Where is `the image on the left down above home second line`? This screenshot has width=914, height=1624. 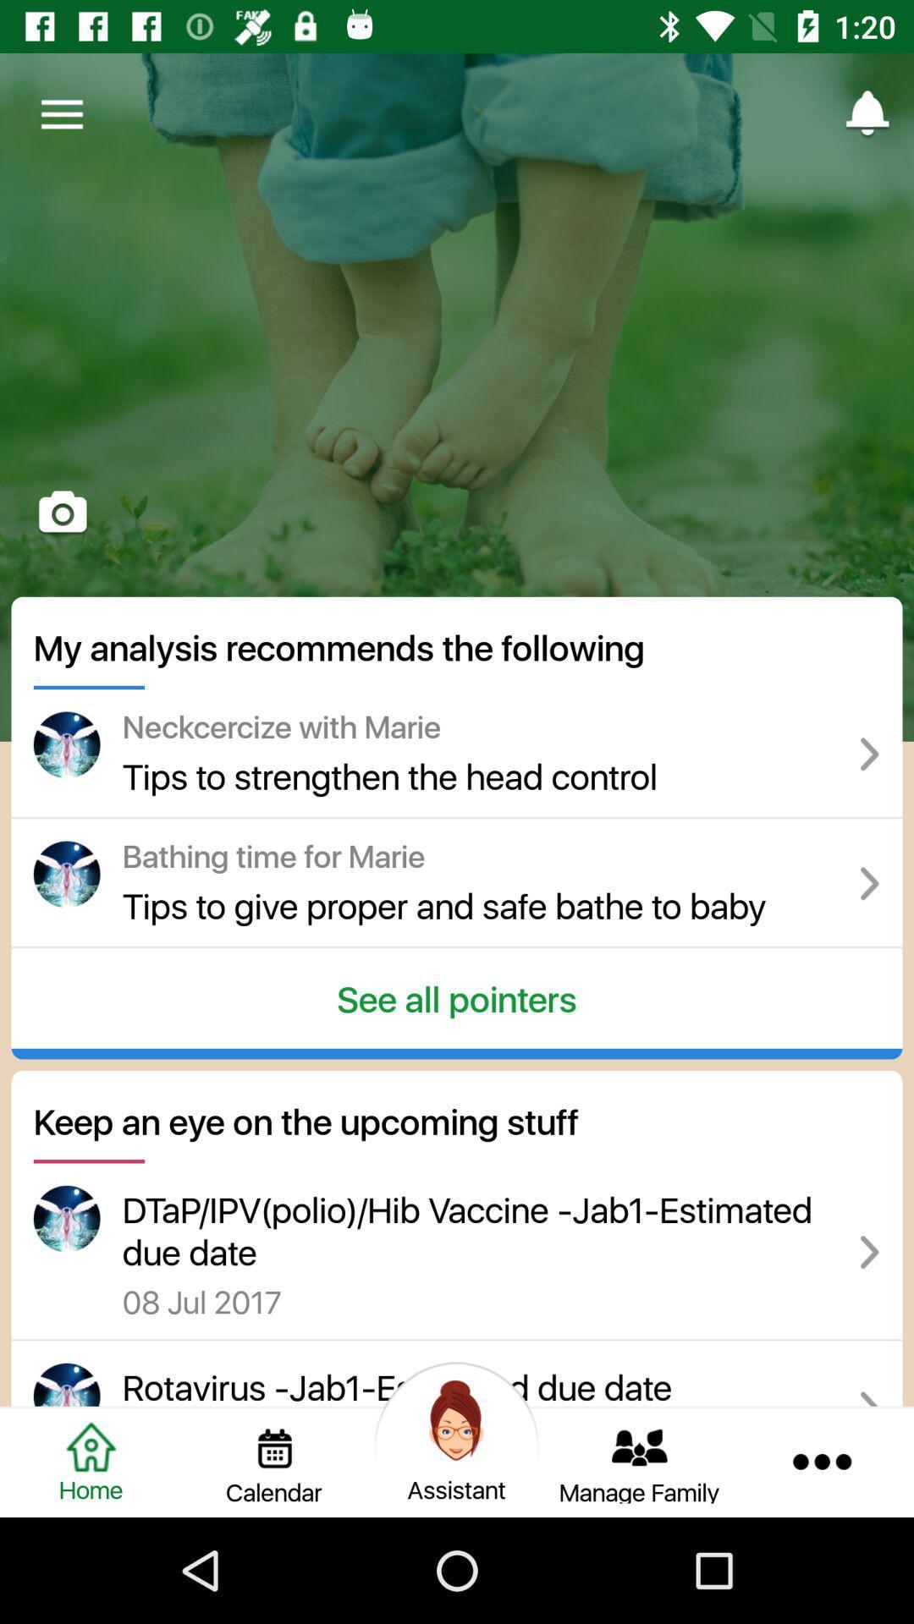 the image on the left down above home second line is located at coordinates (66, 1219).